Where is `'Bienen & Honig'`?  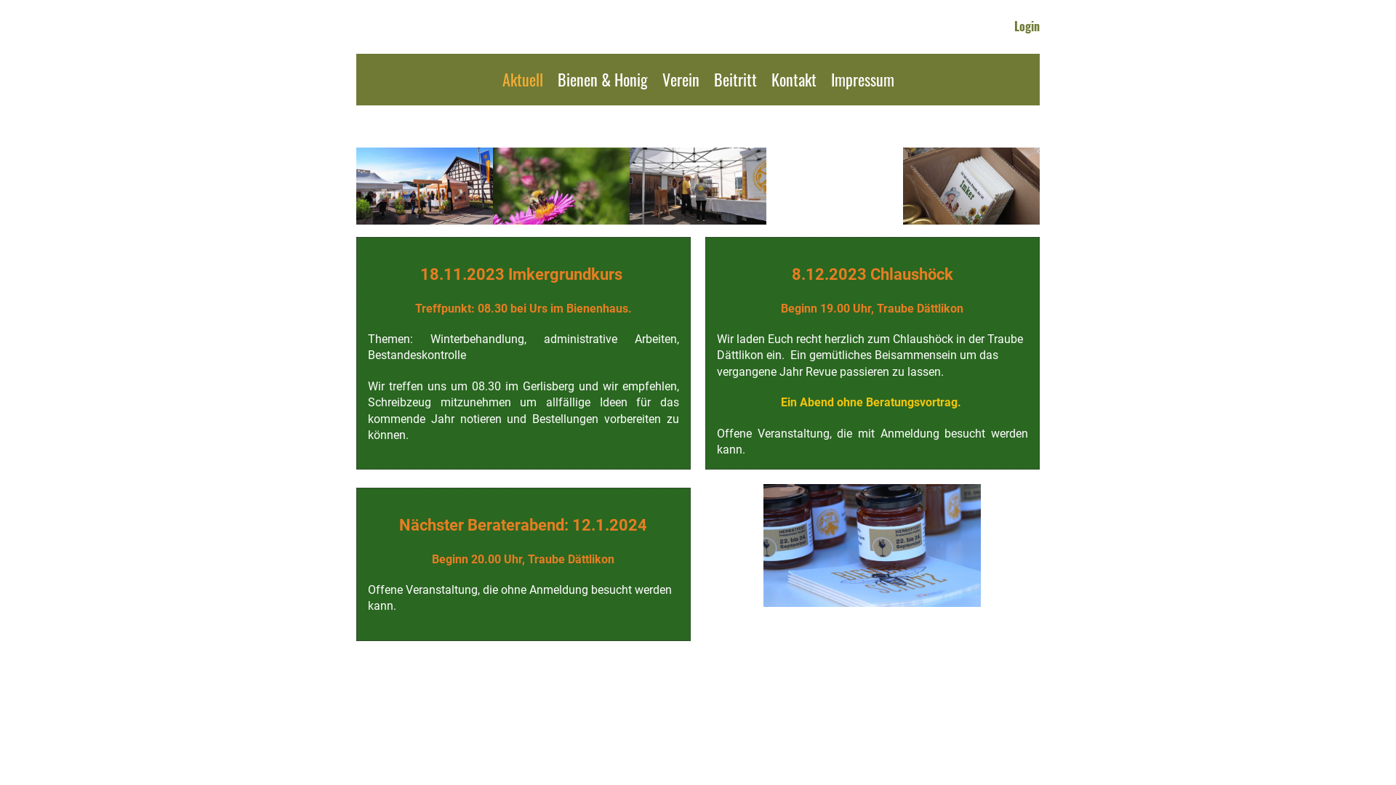
'Bienen & Honig' is located at coordinates (548, 79).